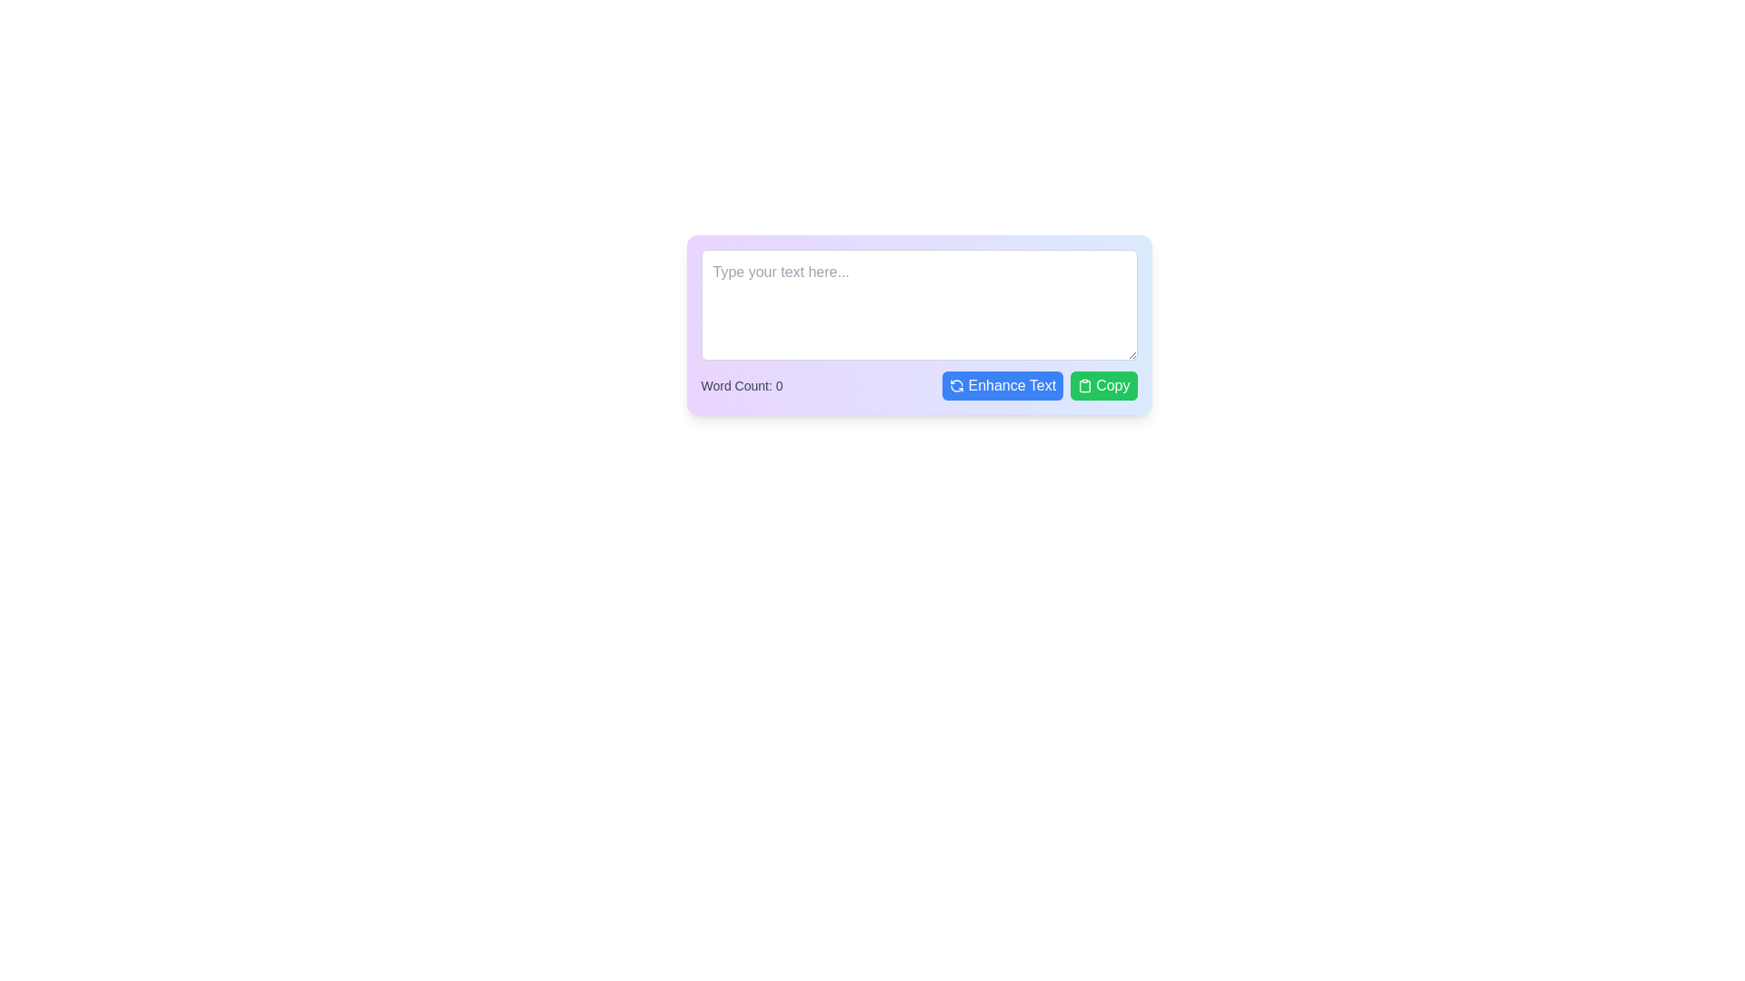  Describe the element at coordinates (956, 384) in the screenshot. I see `the circular arrow icon on the left edge of the 'Enhance Text' button` at that location.